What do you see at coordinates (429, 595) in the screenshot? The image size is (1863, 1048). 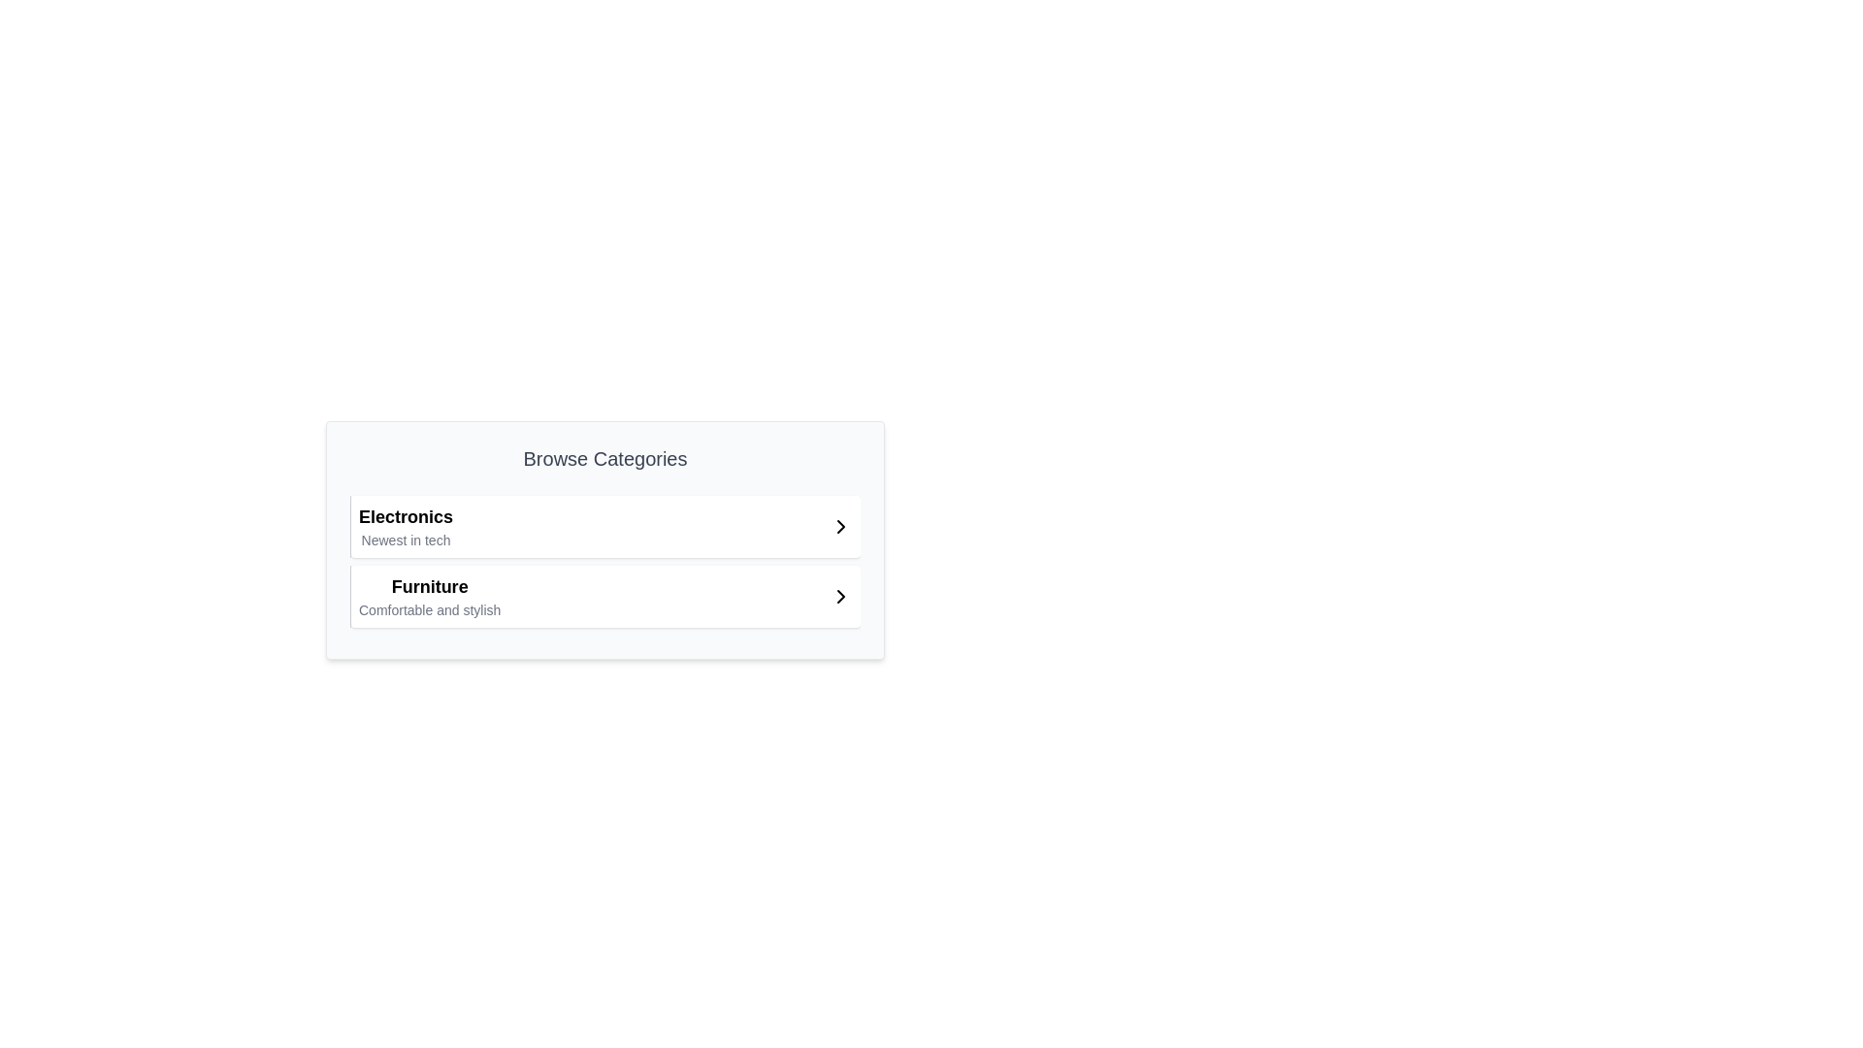 I see `the clickable category option for furniture, which is the second entry under 'Browse Categories' below 'Electronics'` at bounding box center [429, 595].